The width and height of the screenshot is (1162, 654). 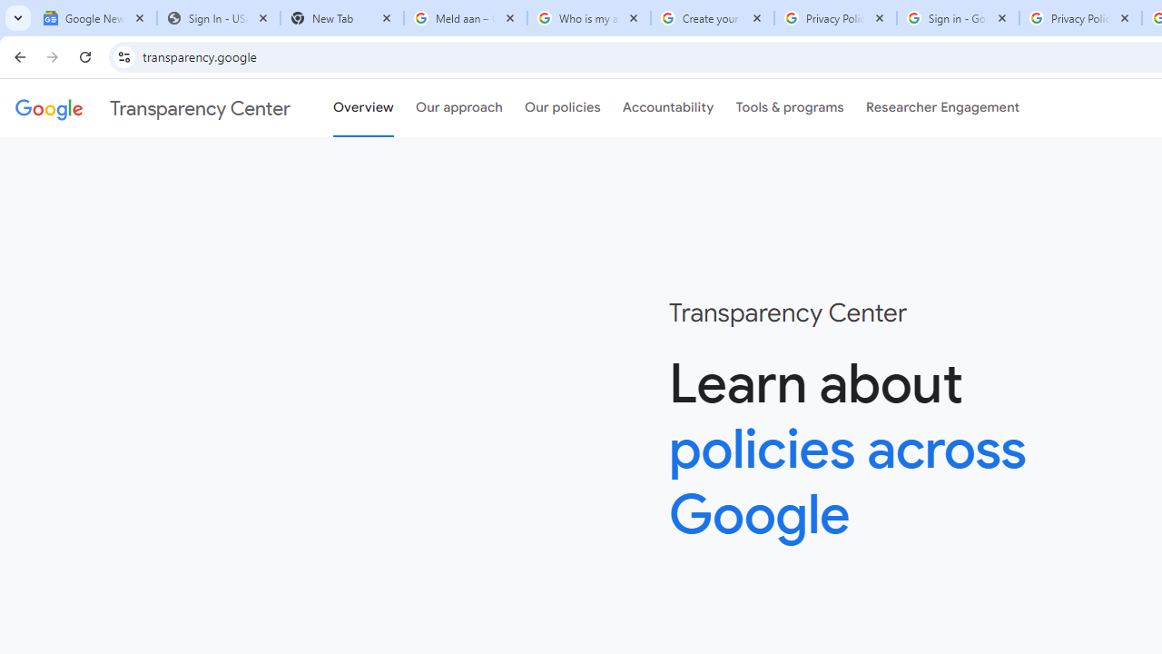 I want to click on 'Researcher Engagement', so click(x=942, y=108).